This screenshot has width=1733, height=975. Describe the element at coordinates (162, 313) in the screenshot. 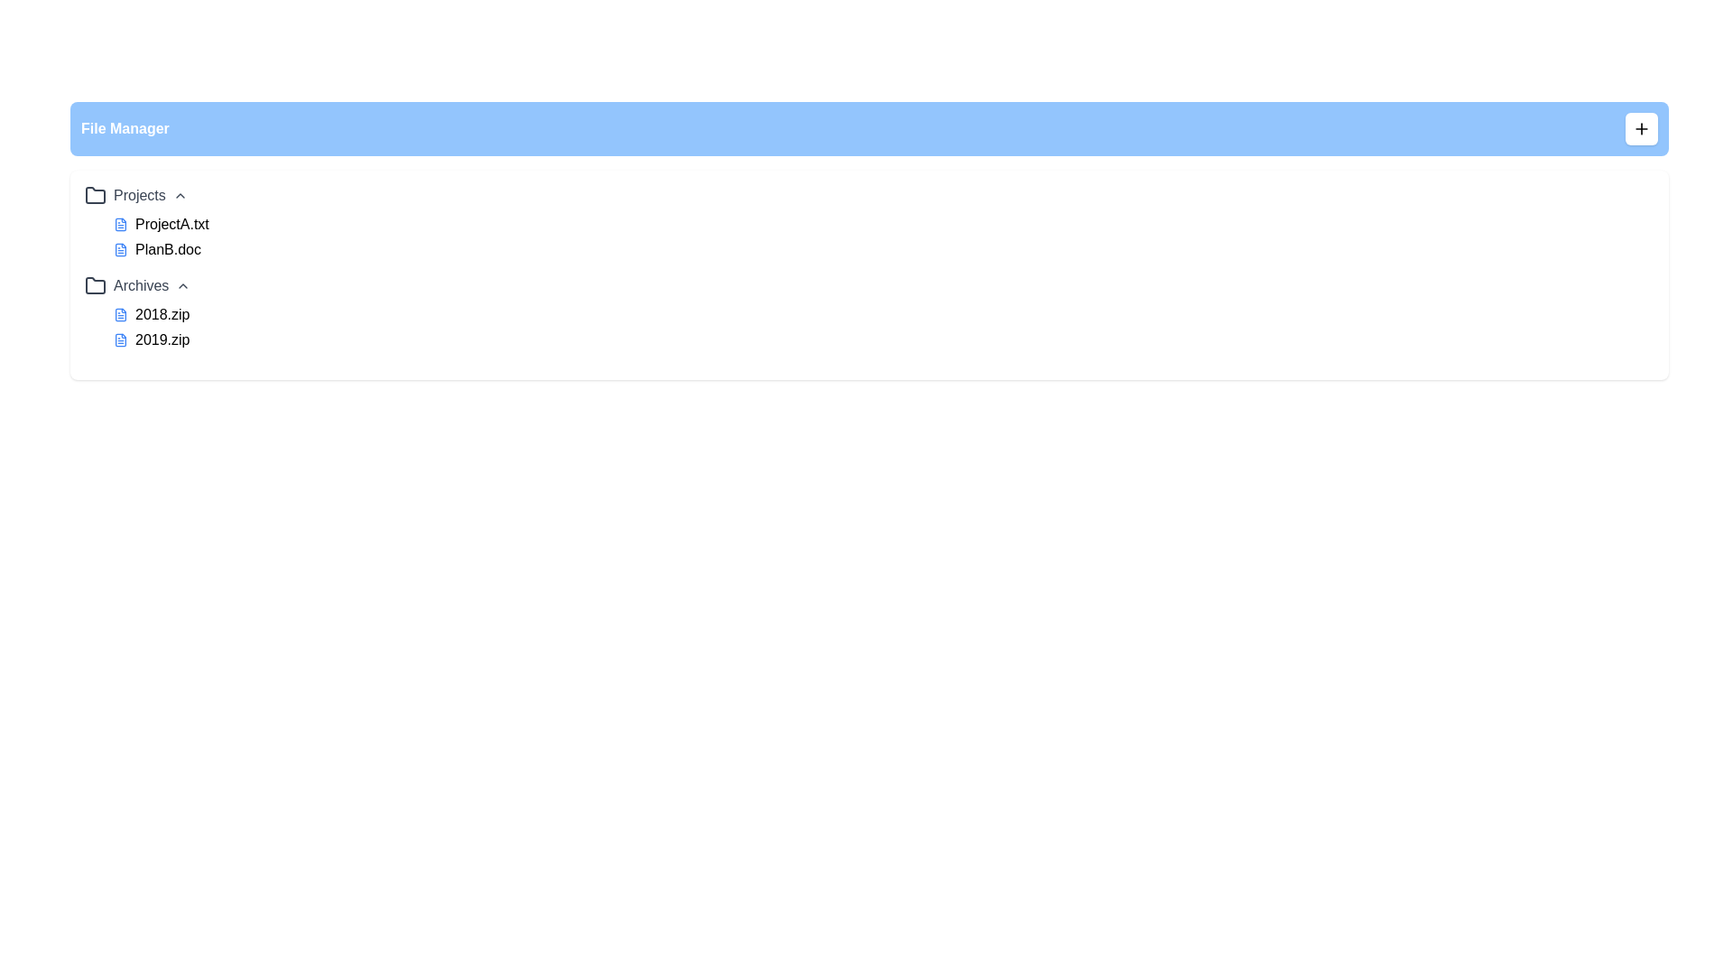

I see `the text label that denotes the file '2018.zip' in the 'Archives' section` at that location.